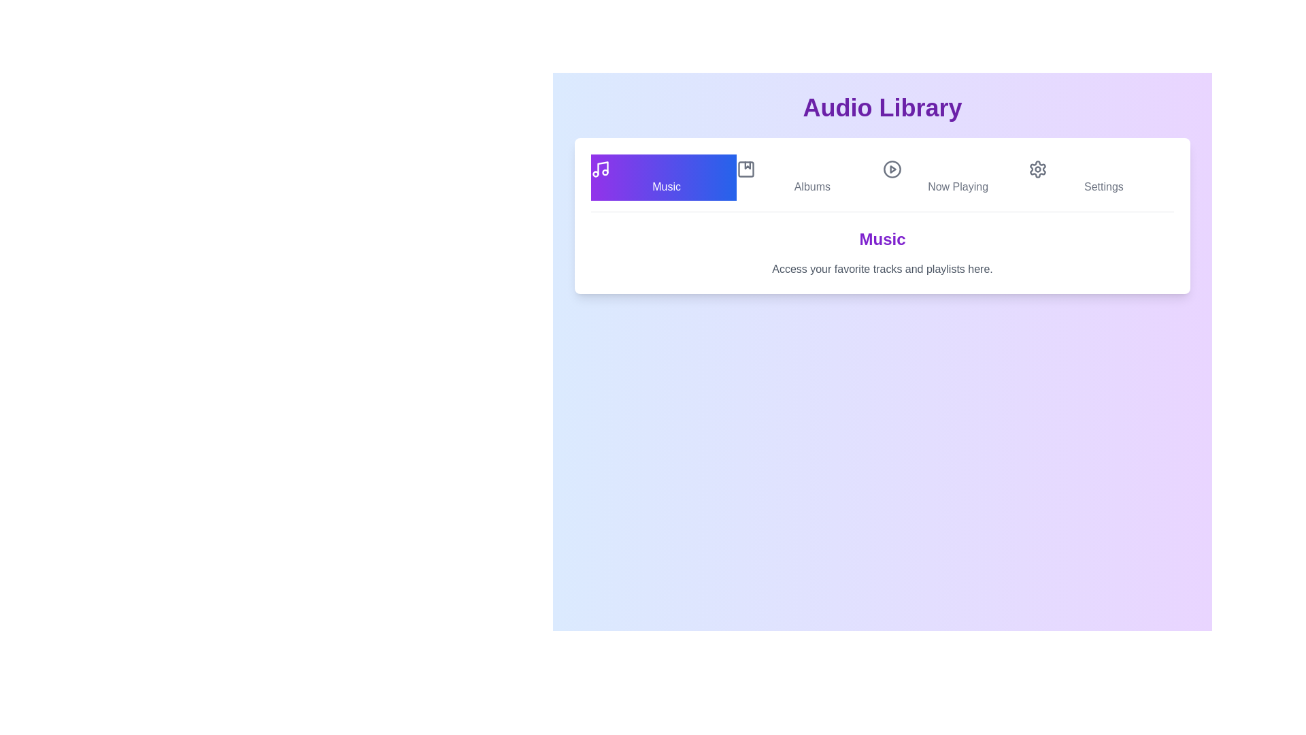 The height and width of the screenshot is (735, 1306). Describe the element at coordinates (892, 169) in the screenshot. I see `the circular play button icon located in the 'Now Playing' tab of the navigation bar` at that location.